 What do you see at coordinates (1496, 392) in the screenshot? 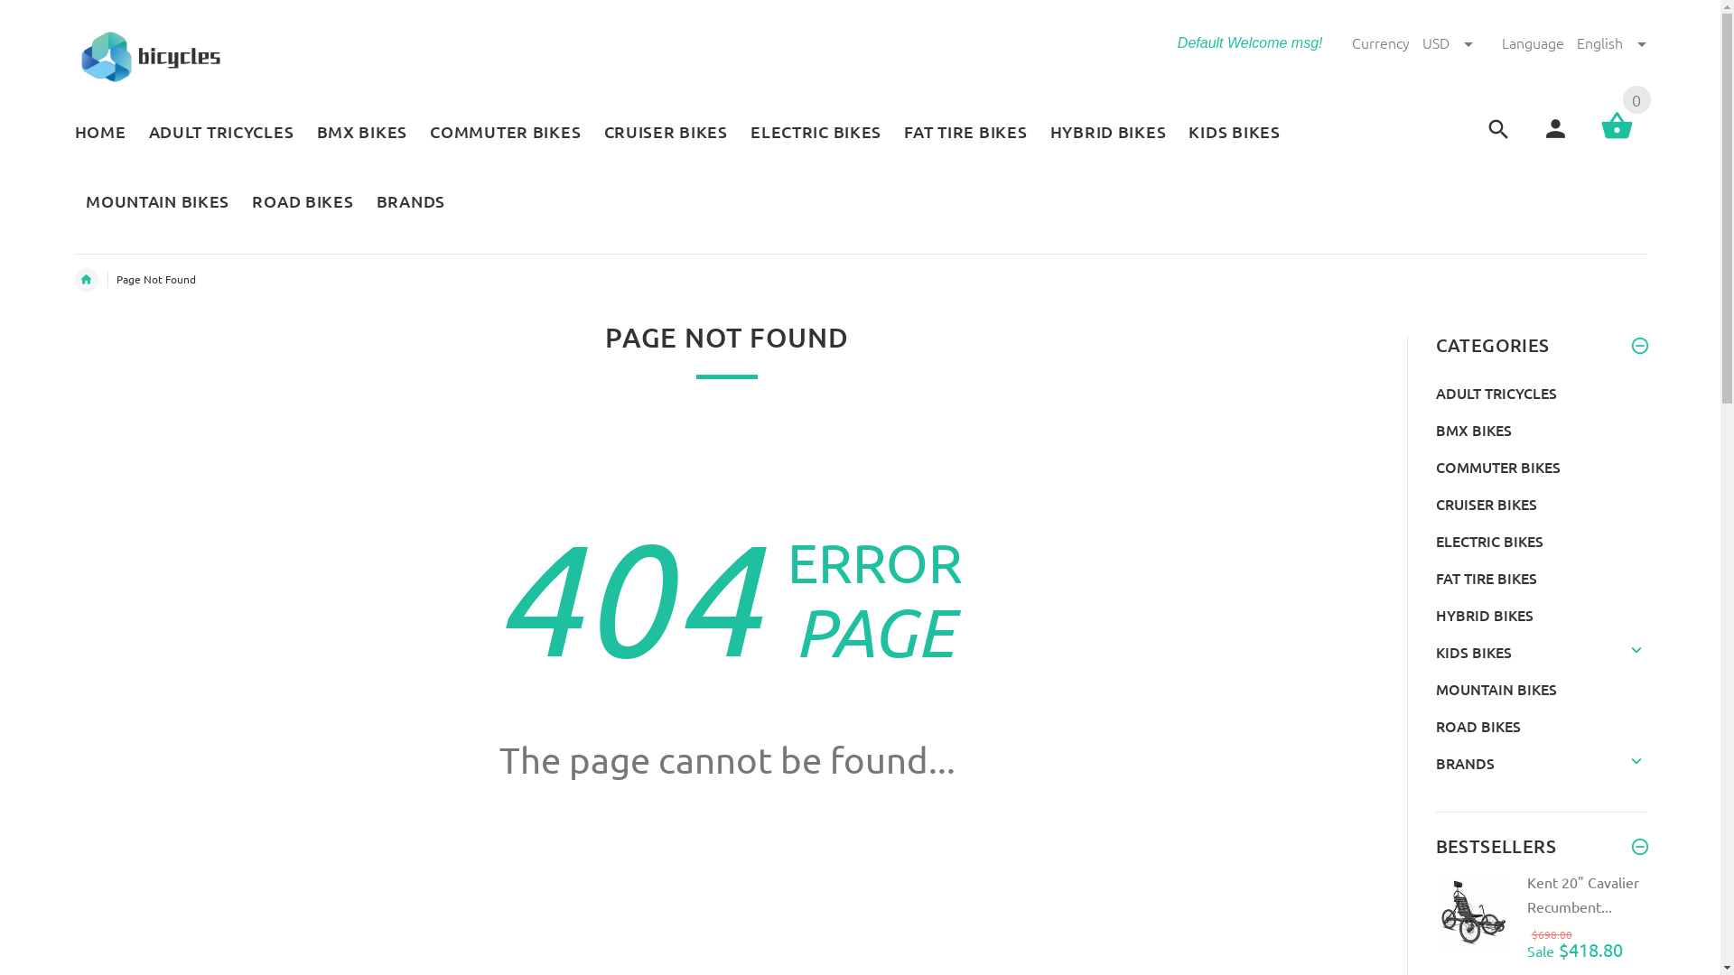
I see `'ADULT TRICYCLES'` at bounding box center [1496, 392].